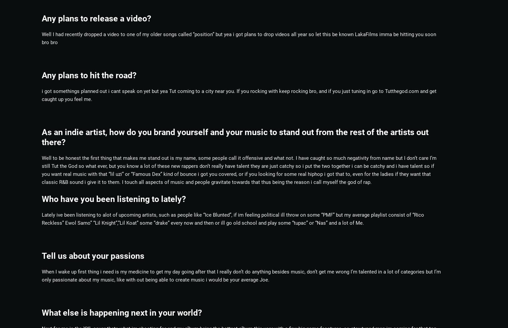 This screenshot has height=328, width=508. What do you see at coordinates (41, 312) in the screenshot?
I see `'What else is happening next in your world?'` at bounding box center [41, 312].